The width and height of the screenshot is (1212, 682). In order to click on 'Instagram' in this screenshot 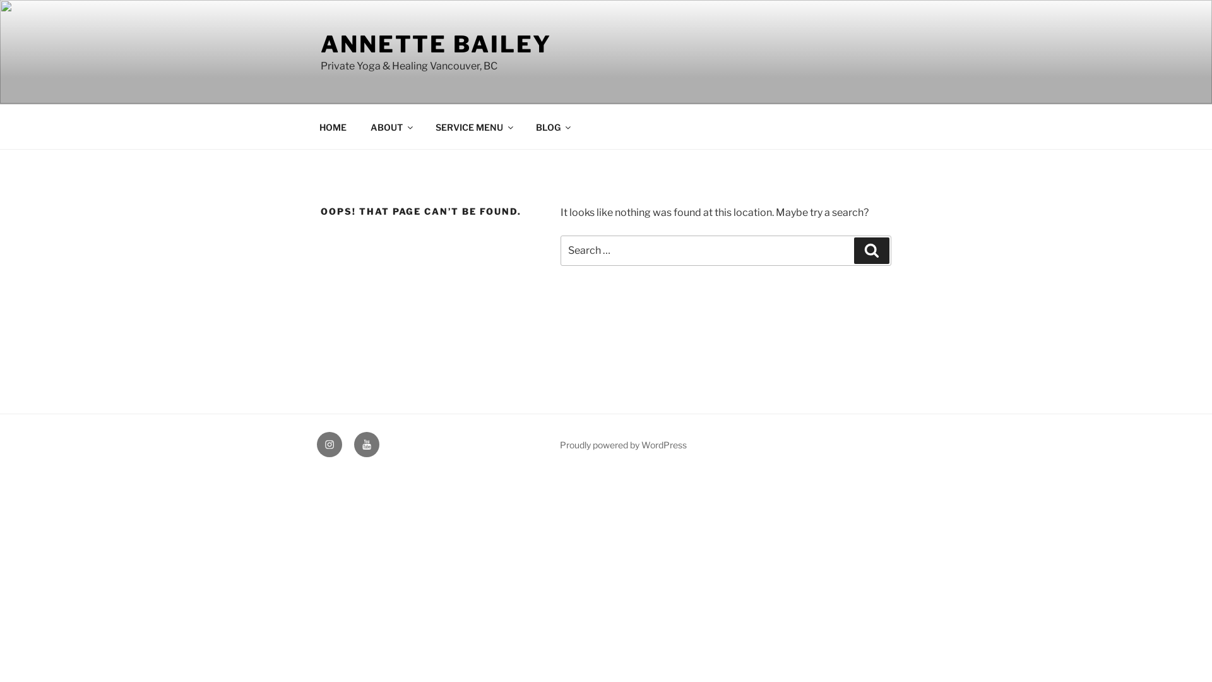, I will do `click(330, 444)`.